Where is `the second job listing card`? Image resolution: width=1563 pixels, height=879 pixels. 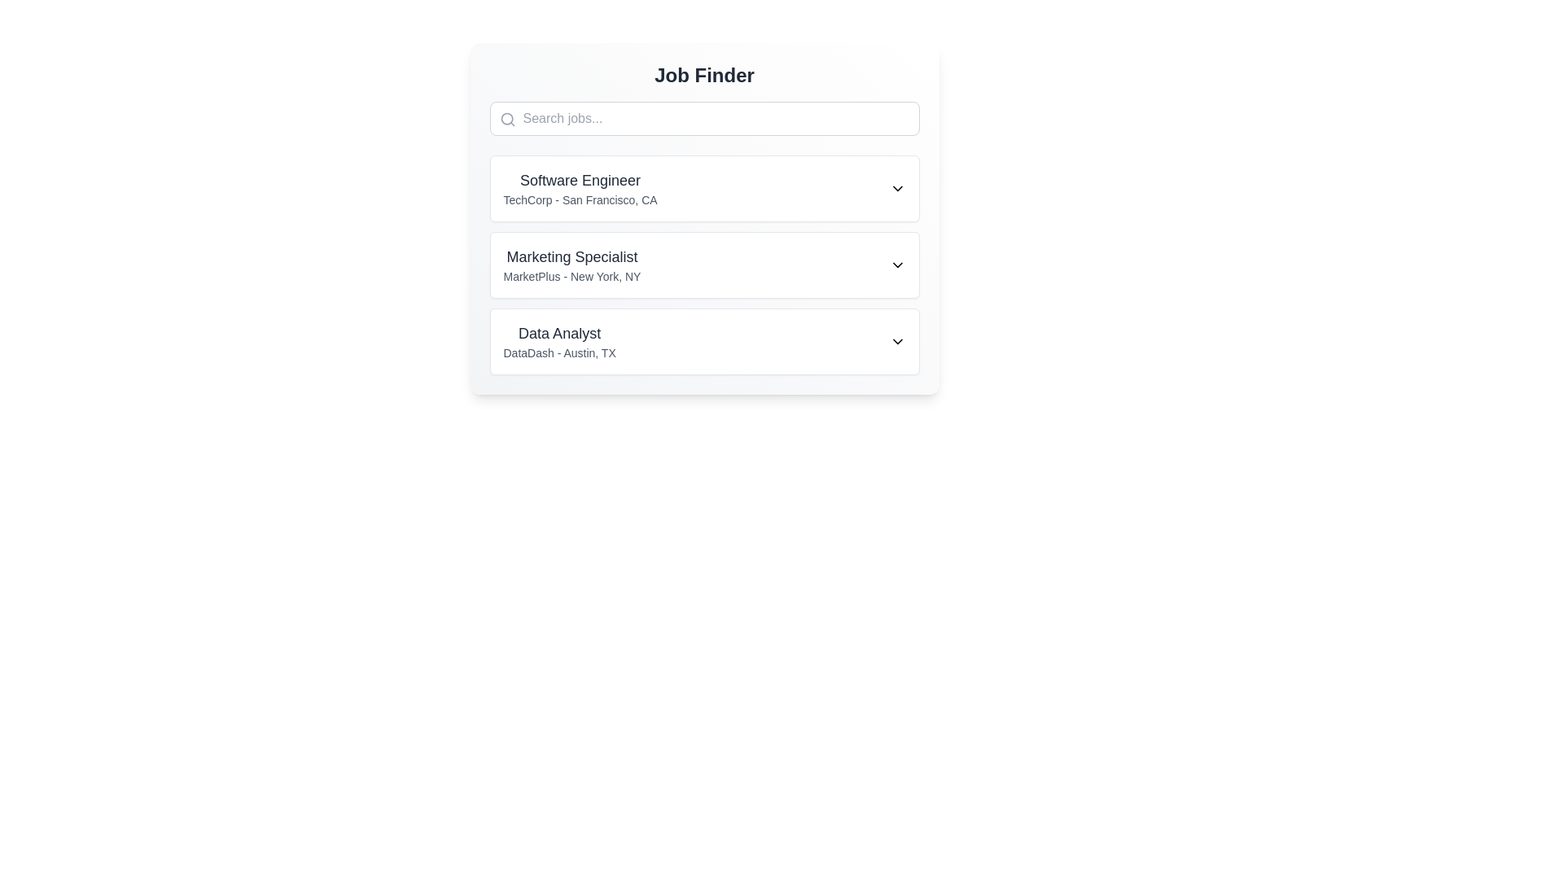 the second job listing card is located at coordinates (704, 265).